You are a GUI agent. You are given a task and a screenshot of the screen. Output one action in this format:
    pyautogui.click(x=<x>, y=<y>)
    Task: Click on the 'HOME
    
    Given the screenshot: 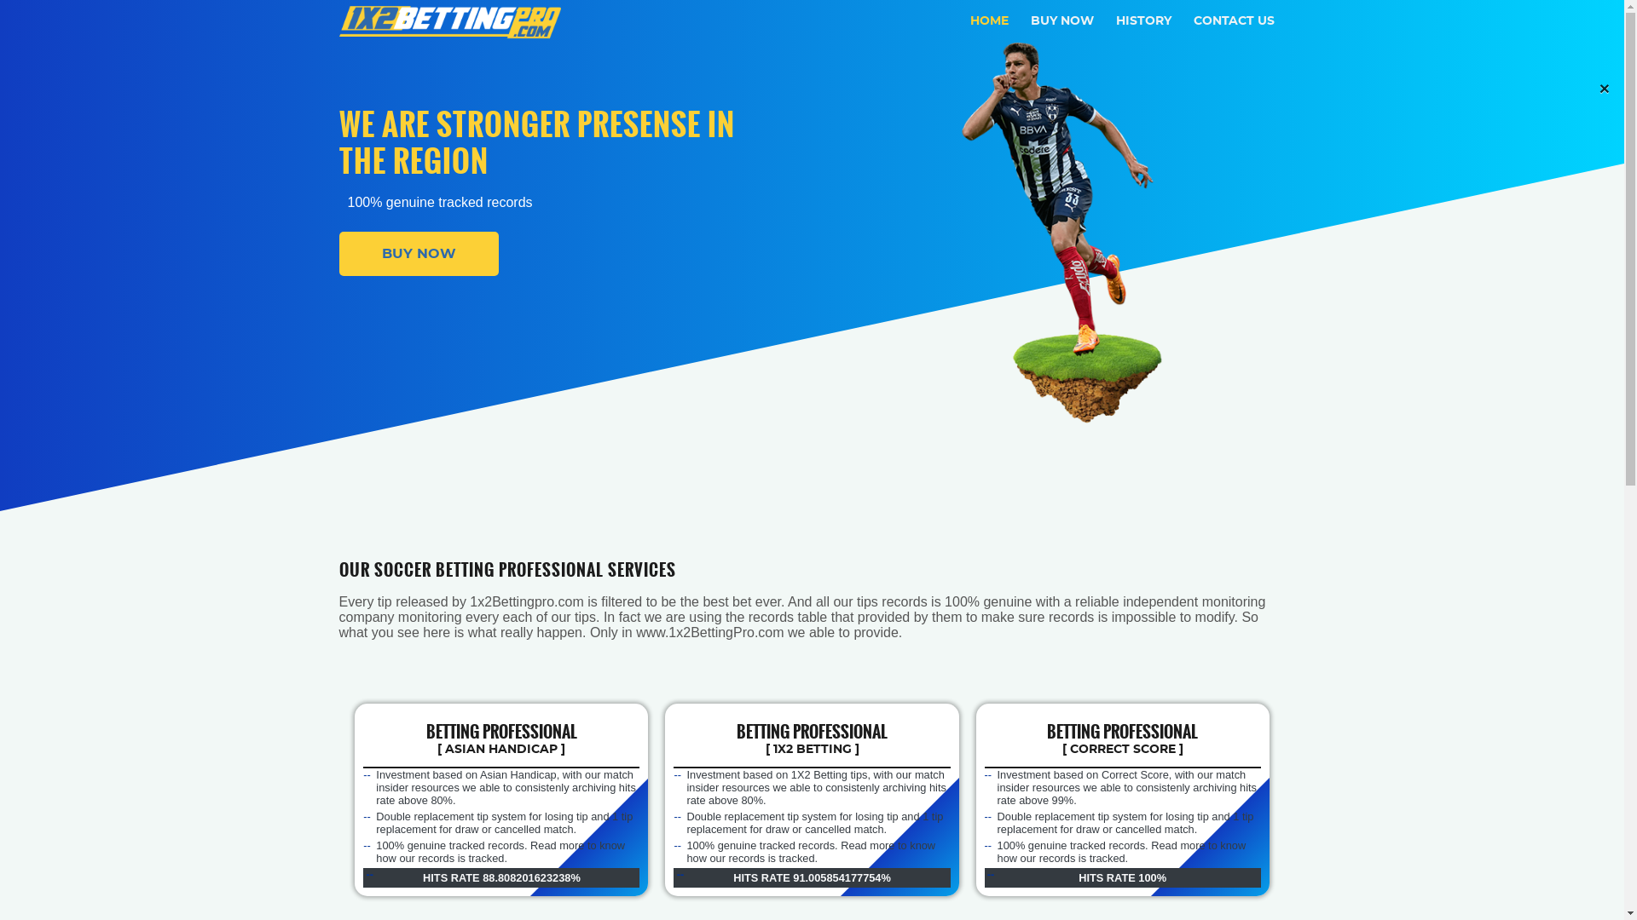 What is the action you would take?
    pyautogui.click(x=989, y=20)
    